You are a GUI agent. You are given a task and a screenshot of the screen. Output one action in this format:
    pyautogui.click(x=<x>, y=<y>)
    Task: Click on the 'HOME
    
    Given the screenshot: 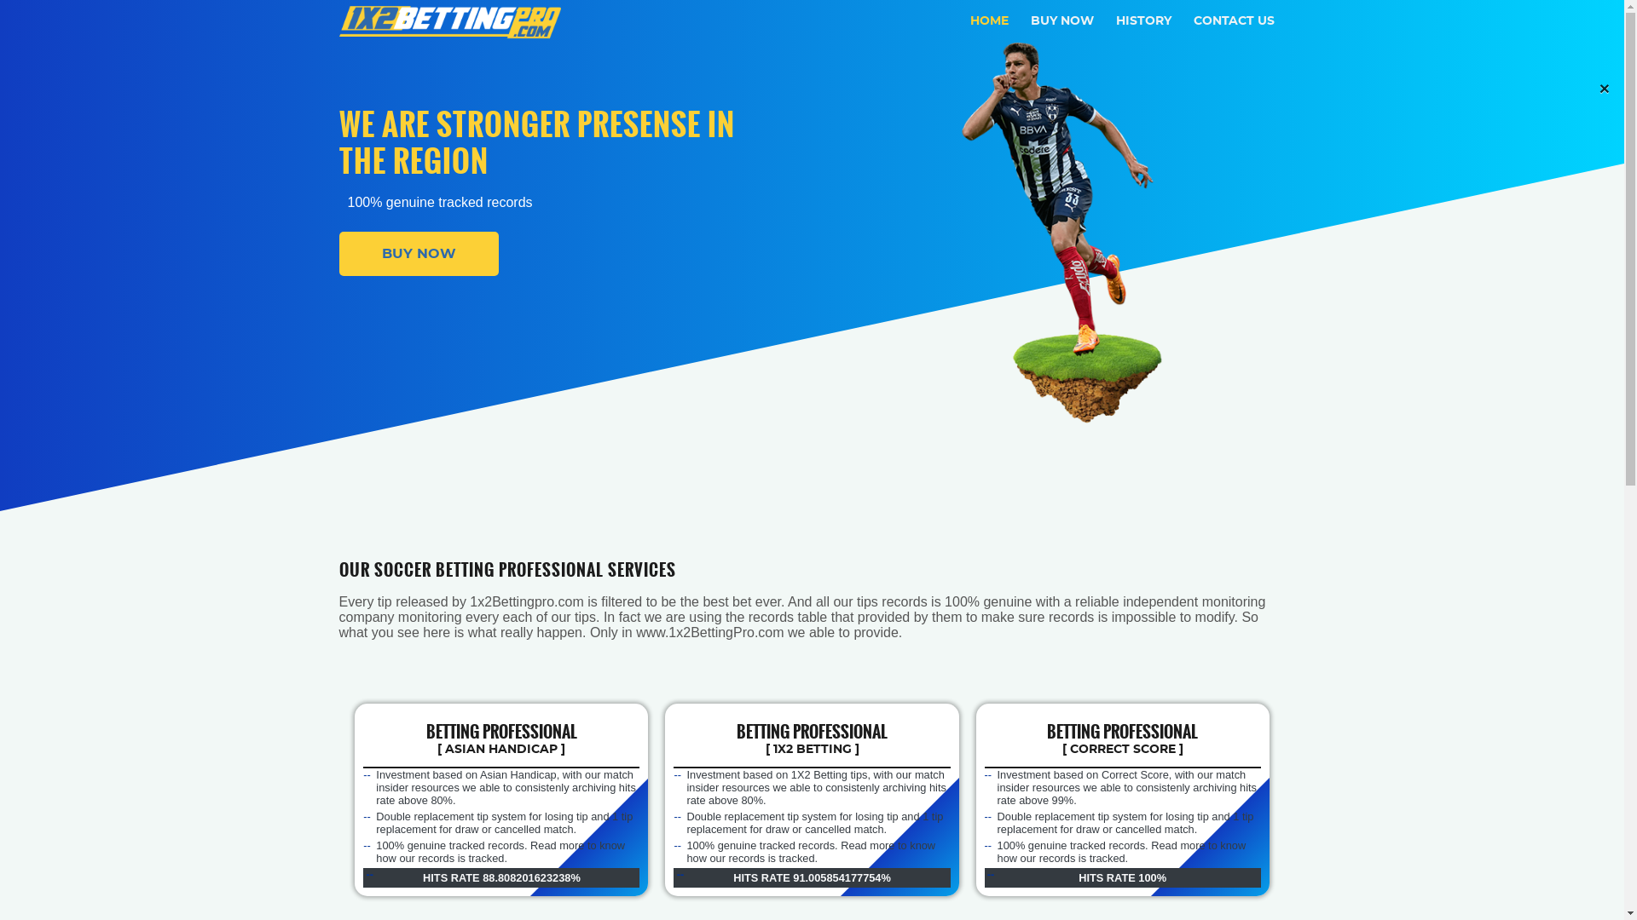 What is the action you would take?
    pyautogui.click(x=989, y=20)
    